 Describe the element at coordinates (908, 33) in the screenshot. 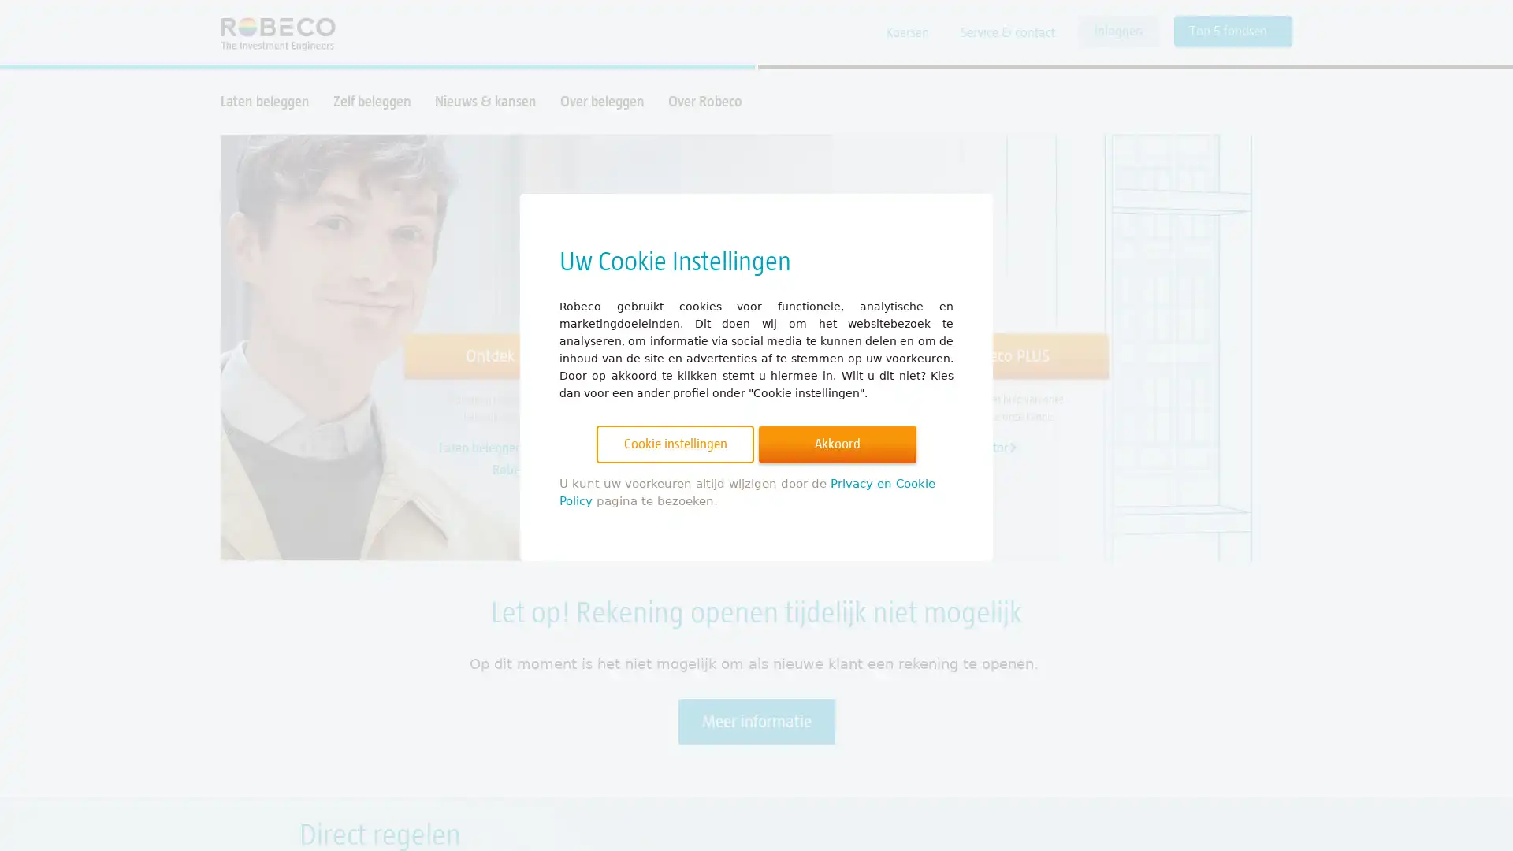

I see `Koersen` at that location.